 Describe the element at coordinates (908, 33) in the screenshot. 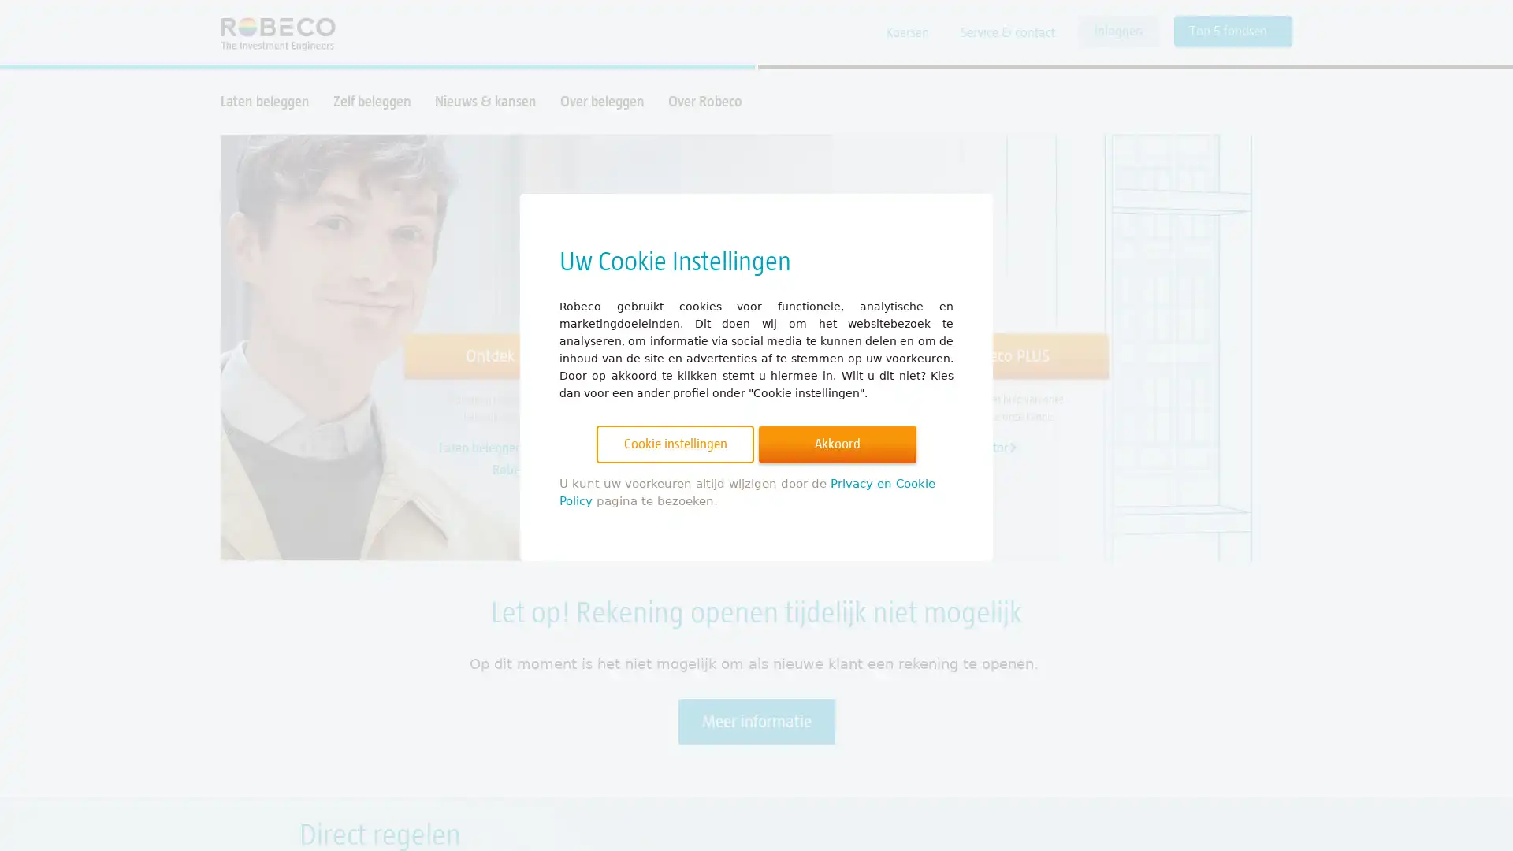

I see `Koersen` at that location.